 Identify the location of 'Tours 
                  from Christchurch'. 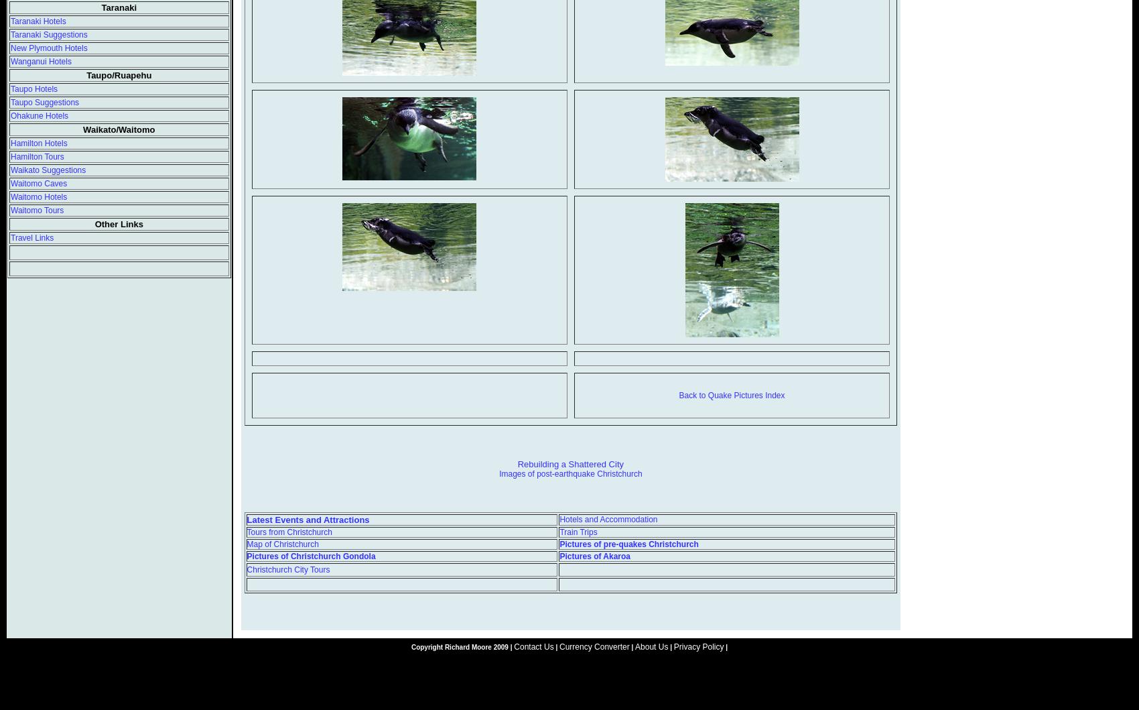
(289, 530).